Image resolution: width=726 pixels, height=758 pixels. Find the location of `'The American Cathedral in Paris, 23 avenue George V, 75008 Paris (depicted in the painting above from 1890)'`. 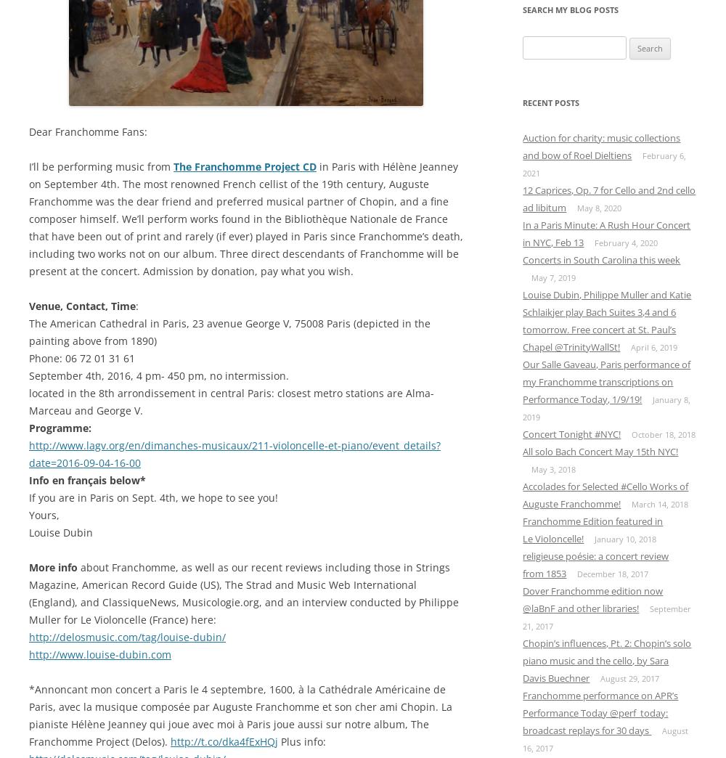

'The American Cathedral in Paris, 23 avenue George V, 75008 Paris (depicted in the painting above from 1890)' is located at coordinates (29, 330).